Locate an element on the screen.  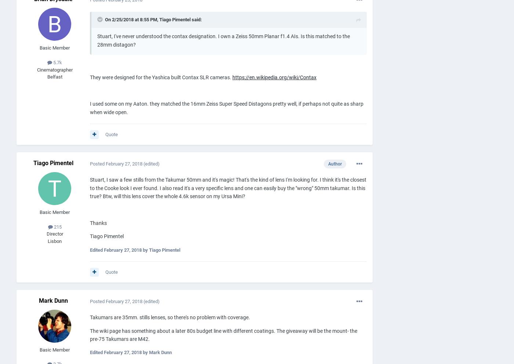
'I used some on my Aaton. they matched the 16mm Zeiss Super Speed Distagons pretty well, if perhaps not quite as sharp when wide open.' is located at coordinates (227, 108).